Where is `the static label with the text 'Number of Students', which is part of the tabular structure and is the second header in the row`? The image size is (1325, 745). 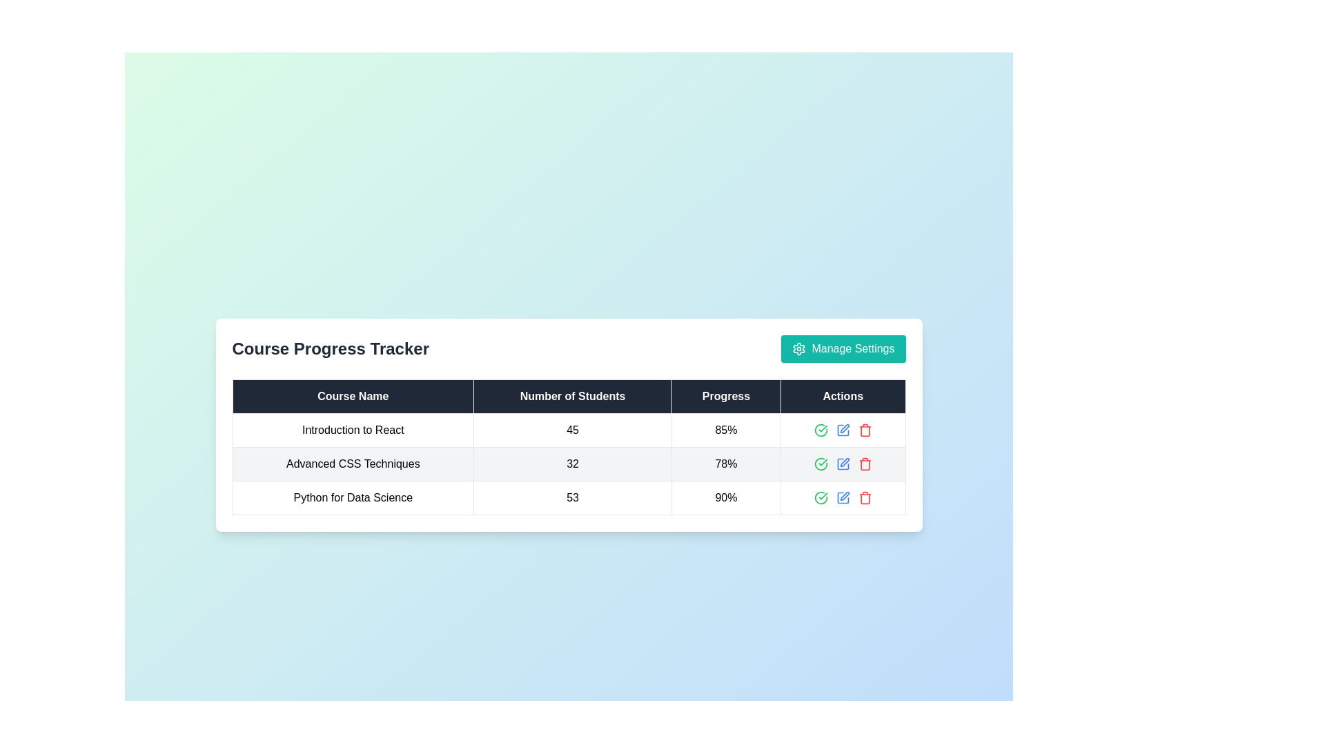 the static label with the text 'Number of Students', which is part of the tabular structure and is the second header in the row is located at coordinates (573, 396).